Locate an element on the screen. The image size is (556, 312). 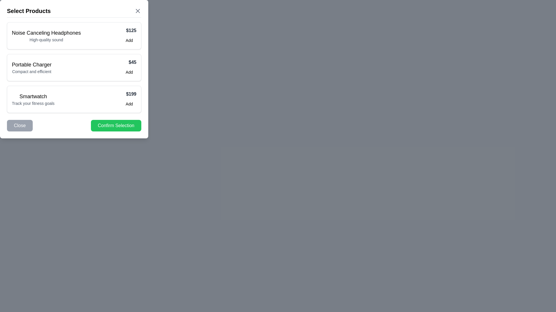
the close button icon located at the top-right corner of the 'Select Products' modal window is located at coordinates (137, 11).